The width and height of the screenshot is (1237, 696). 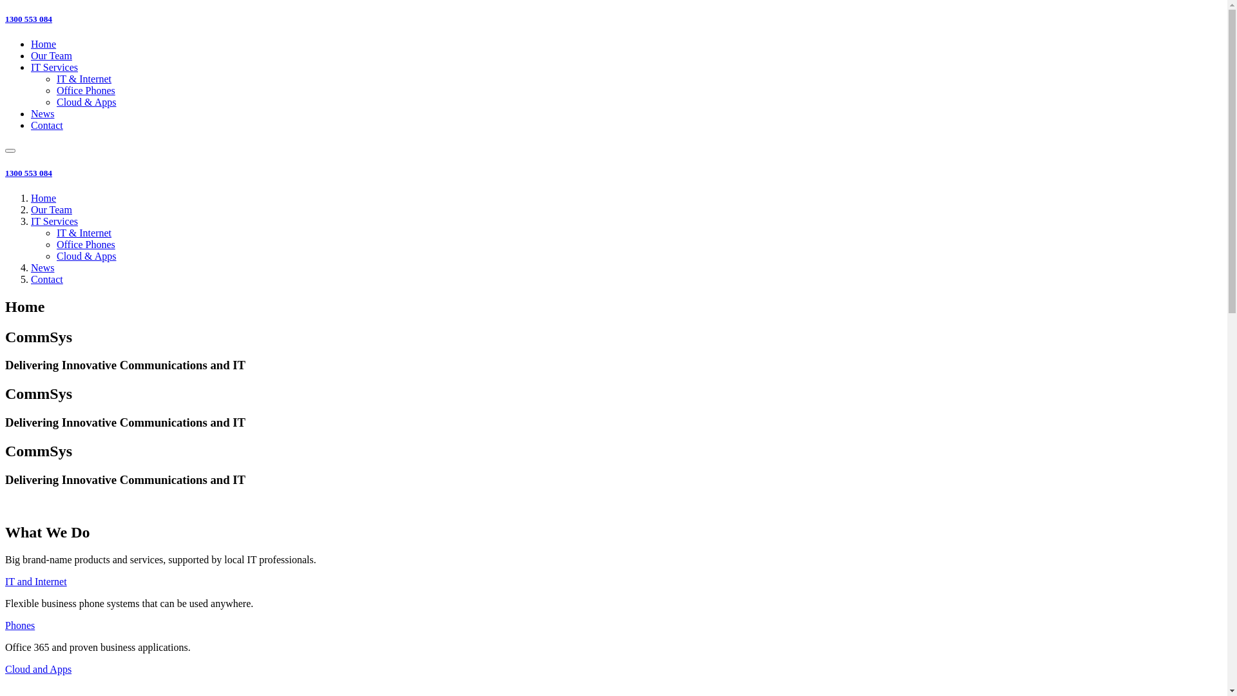 I want to click on 'Home', so click(x=43, y=198).